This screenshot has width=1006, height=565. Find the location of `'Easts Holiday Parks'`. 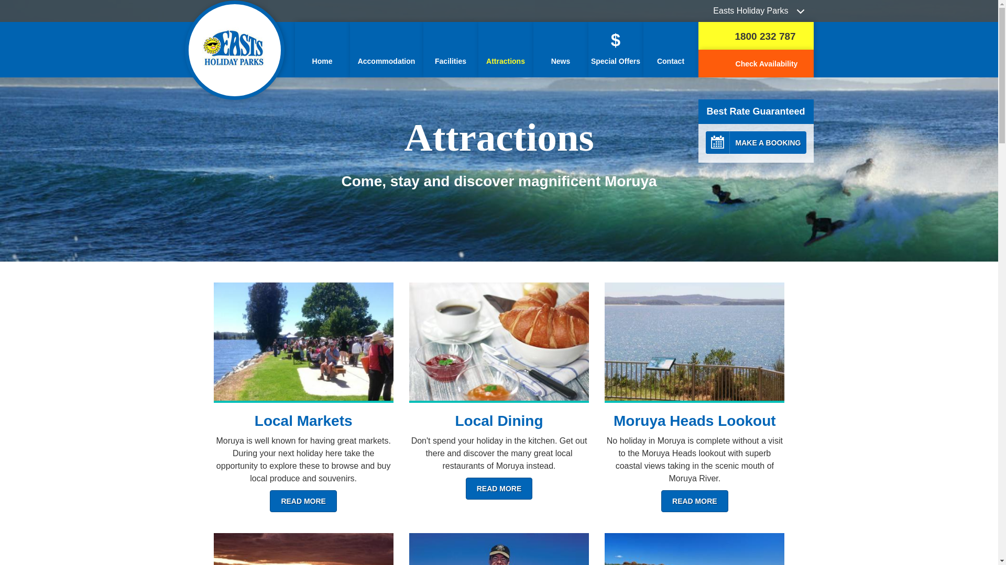

'Easts Holiday Parks' is located at coordinates (755, 10).